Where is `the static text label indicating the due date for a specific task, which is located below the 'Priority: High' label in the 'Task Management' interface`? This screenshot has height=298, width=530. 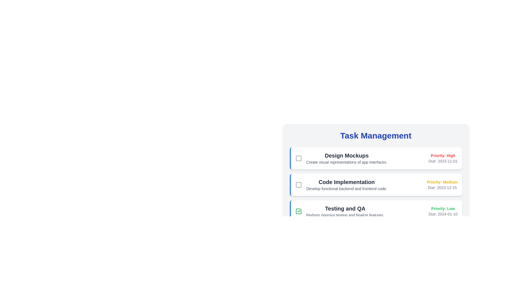 the static text label indicating the due date for a specific task, which is located below the 'Priority: High' label in the 'Task Management' interface is located at coordinates (443, 161).